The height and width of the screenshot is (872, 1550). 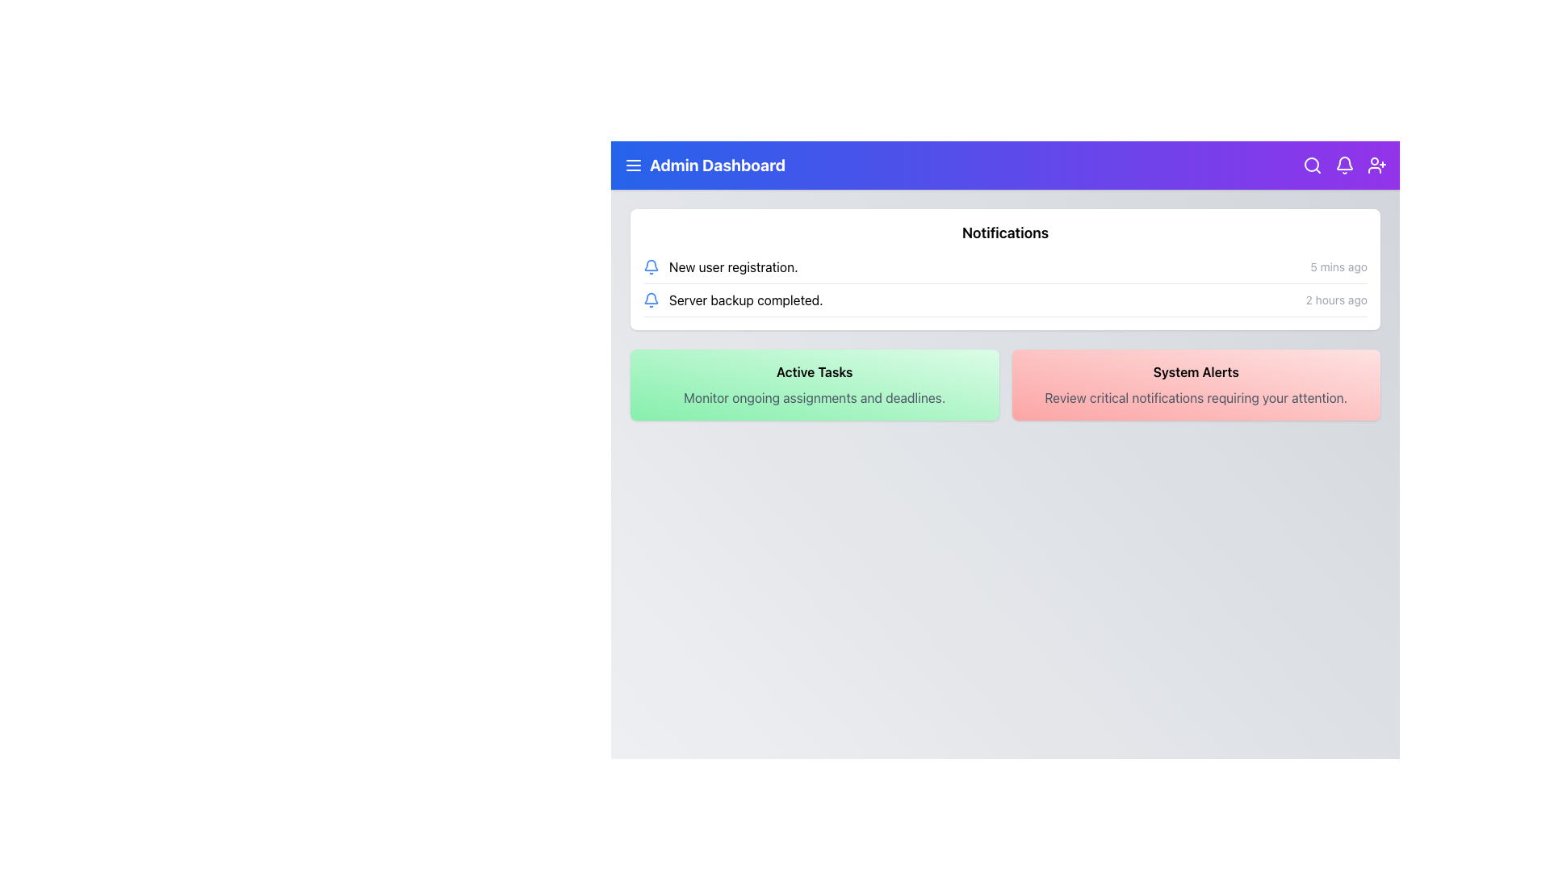 I want to click on the central circular part of the magnifying glass icon located in the top-right corner of the interface, so click(x=1312, y=165).